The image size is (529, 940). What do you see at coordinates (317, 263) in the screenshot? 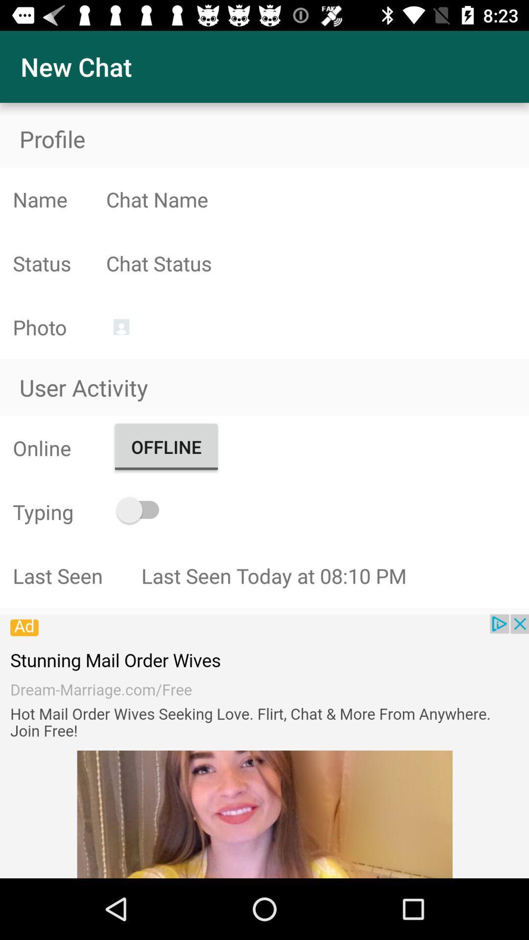
I see `the icons are correct range` at bounding box center [317, 263].